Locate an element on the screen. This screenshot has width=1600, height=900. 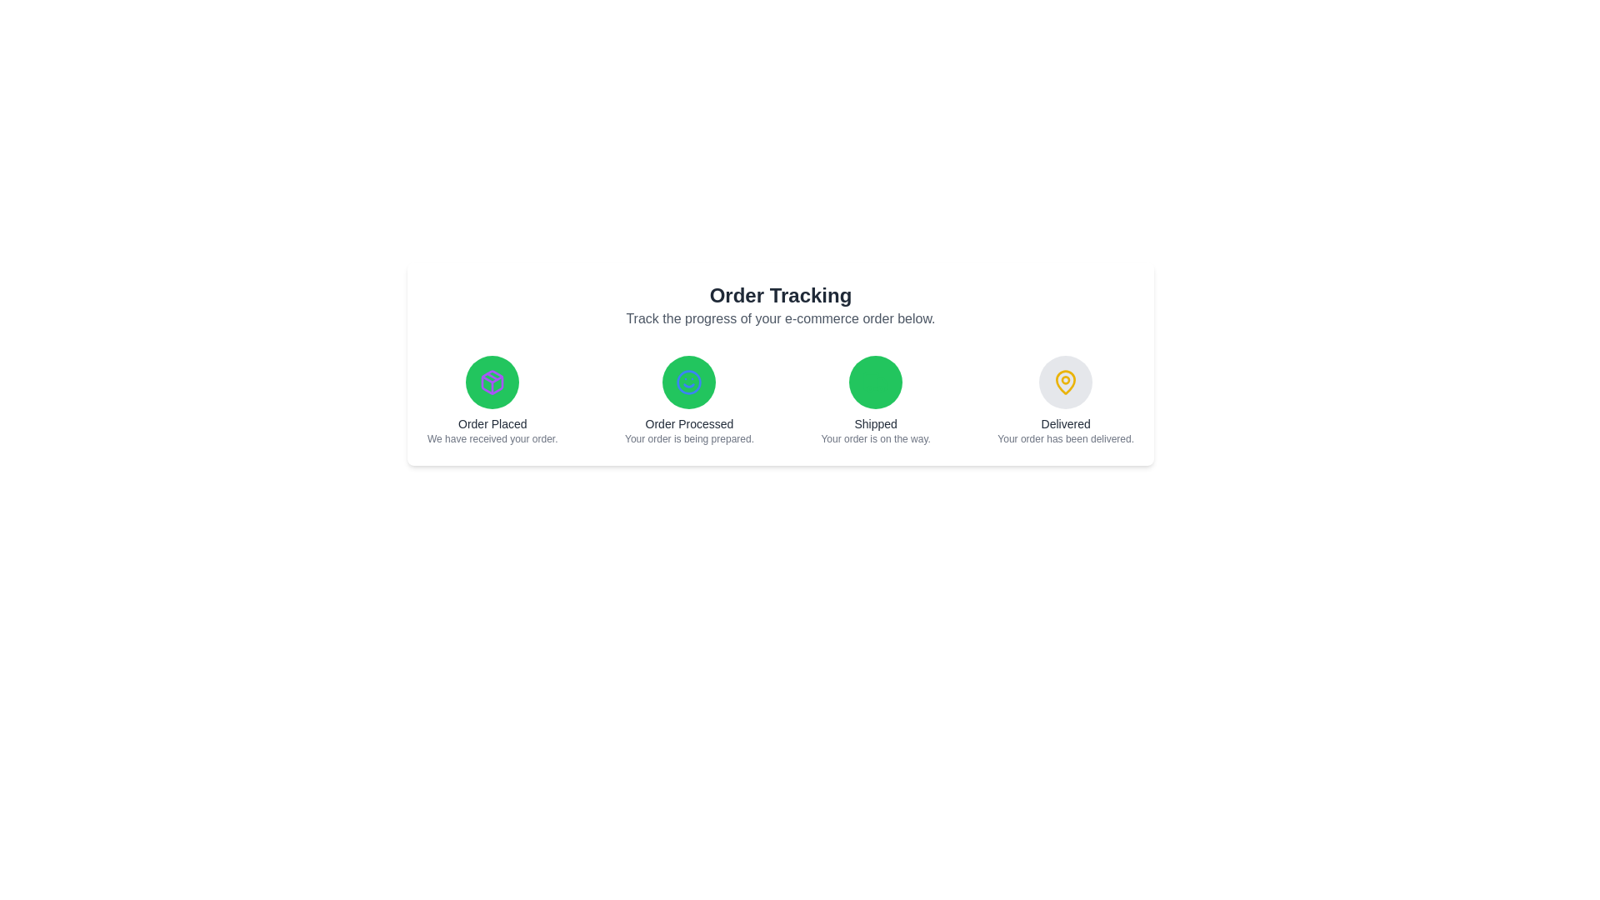
the 'Order Processed' icon in the second progress indicator of the order tracking section is located at coordinates (689, 382).